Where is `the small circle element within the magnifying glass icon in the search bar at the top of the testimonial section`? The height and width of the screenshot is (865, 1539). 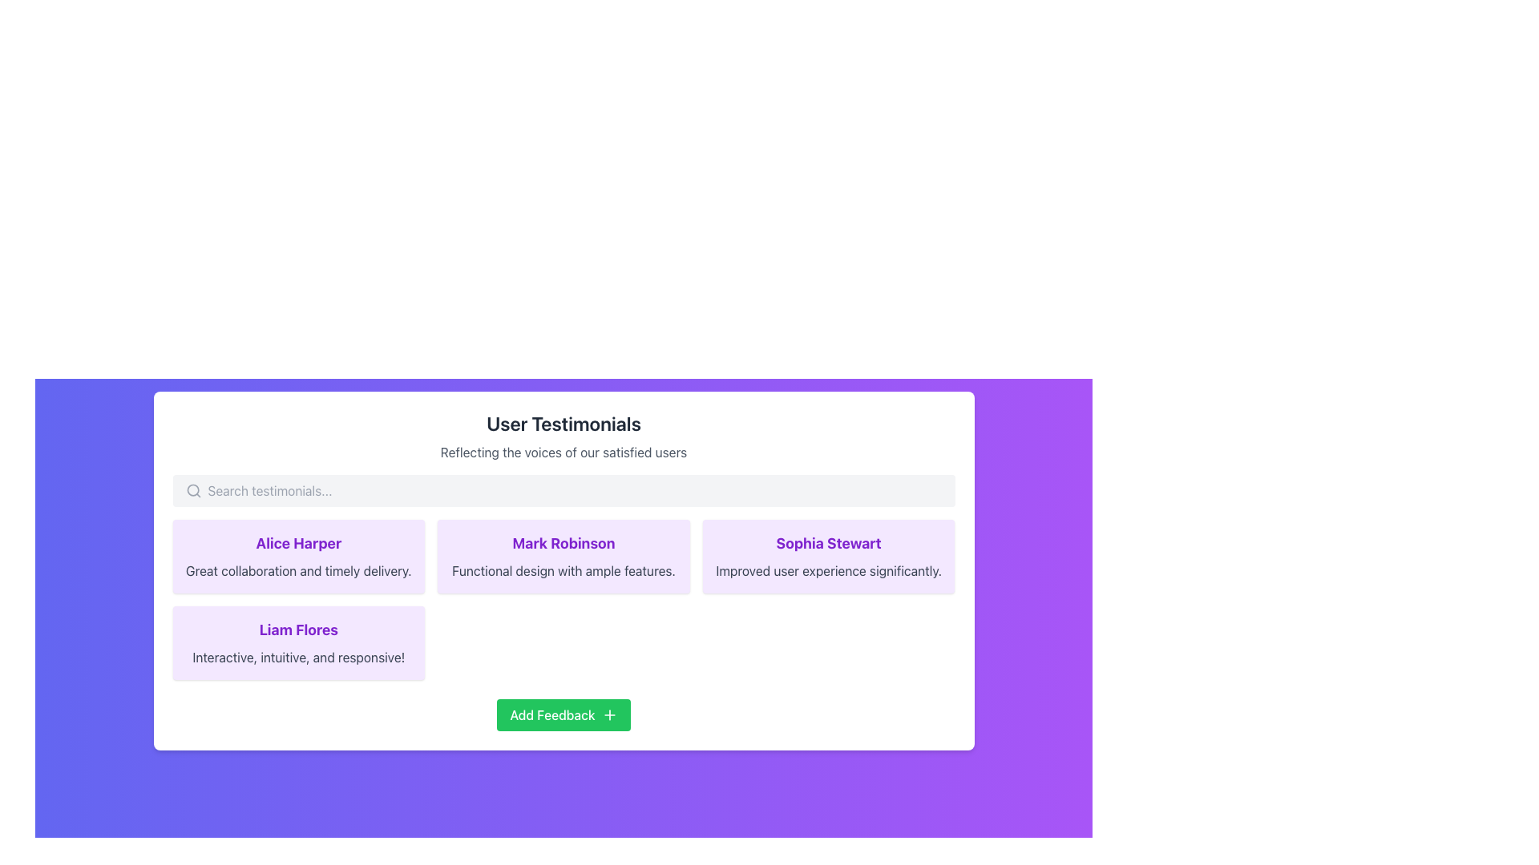
the small circle element within the magnifying glass icon in the search bar at the top of the testimonial section is located at coordinates (192, 489).